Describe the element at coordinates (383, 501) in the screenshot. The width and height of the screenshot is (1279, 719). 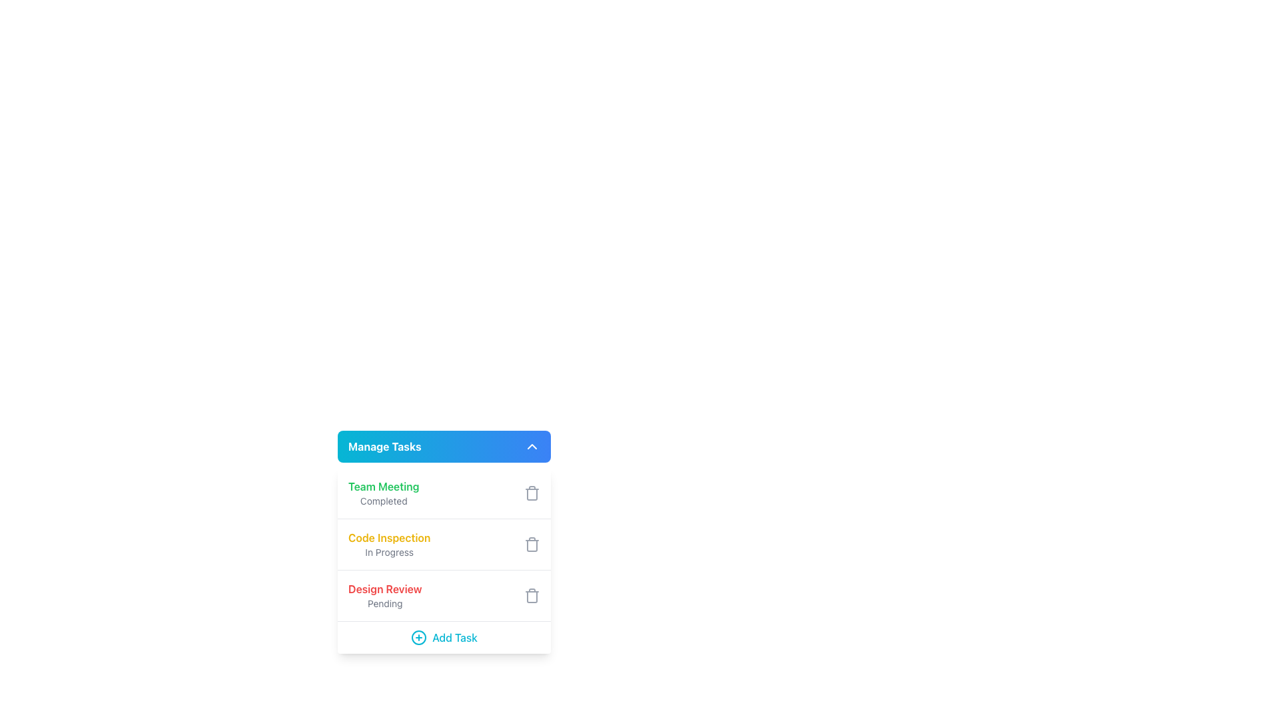
I see `the text label displaying 'Completed' located directly below the bold text 'Team Meeting' in the 'Manage Tasks' section` at that location.